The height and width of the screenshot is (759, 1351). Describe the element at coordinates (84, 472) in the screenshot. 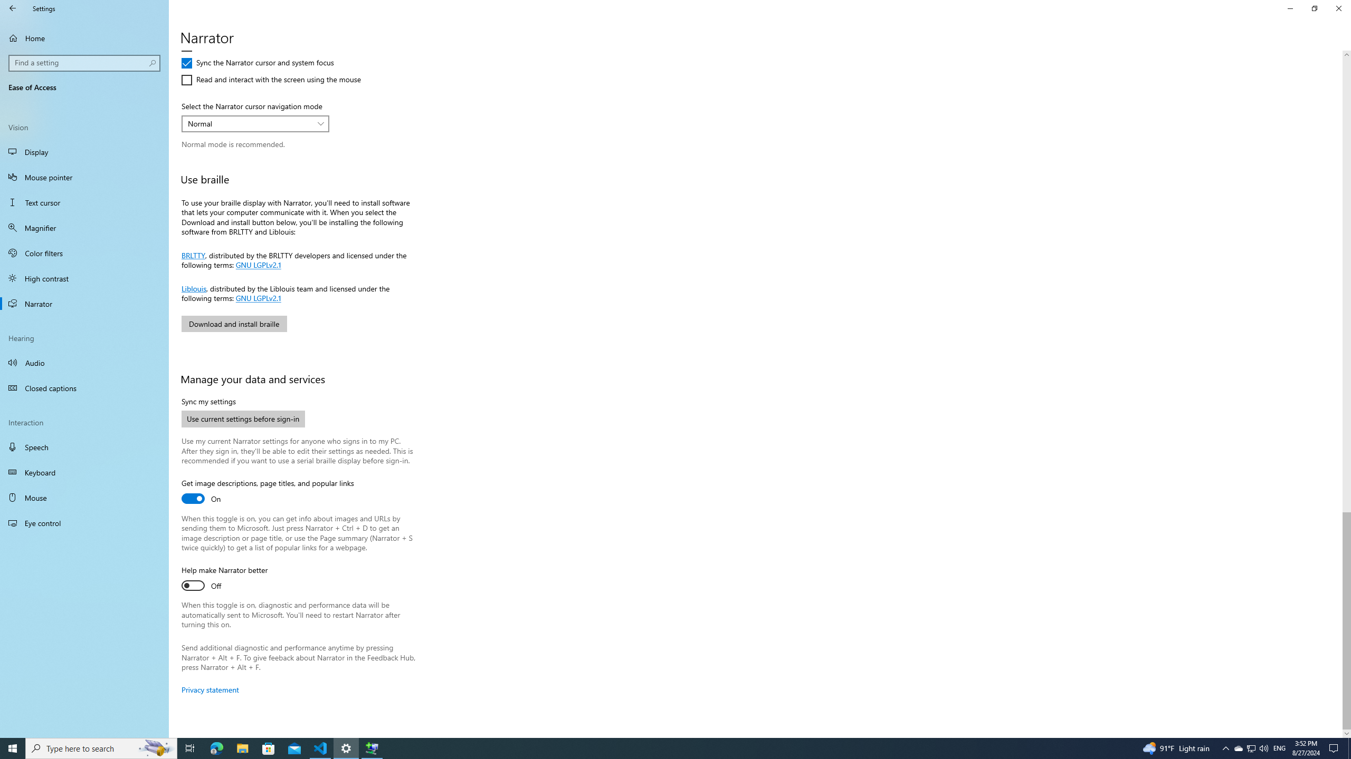

I see `'Keyboard'` at that location.